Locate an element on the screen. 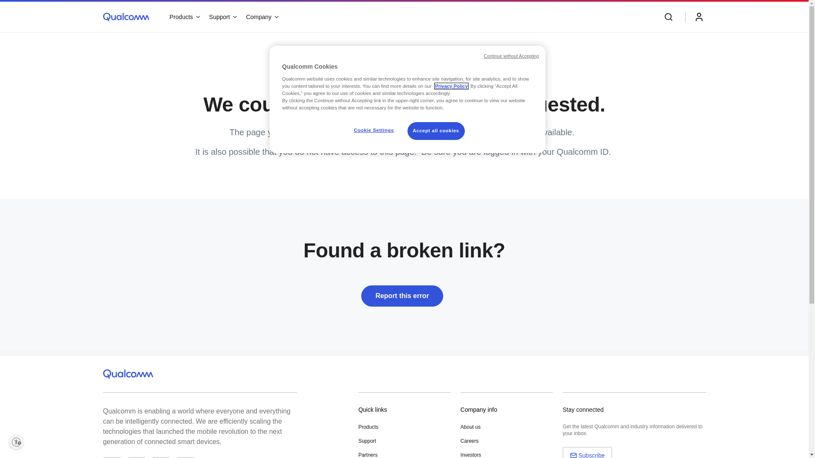  'Support' is located at coordinates (367, 441).